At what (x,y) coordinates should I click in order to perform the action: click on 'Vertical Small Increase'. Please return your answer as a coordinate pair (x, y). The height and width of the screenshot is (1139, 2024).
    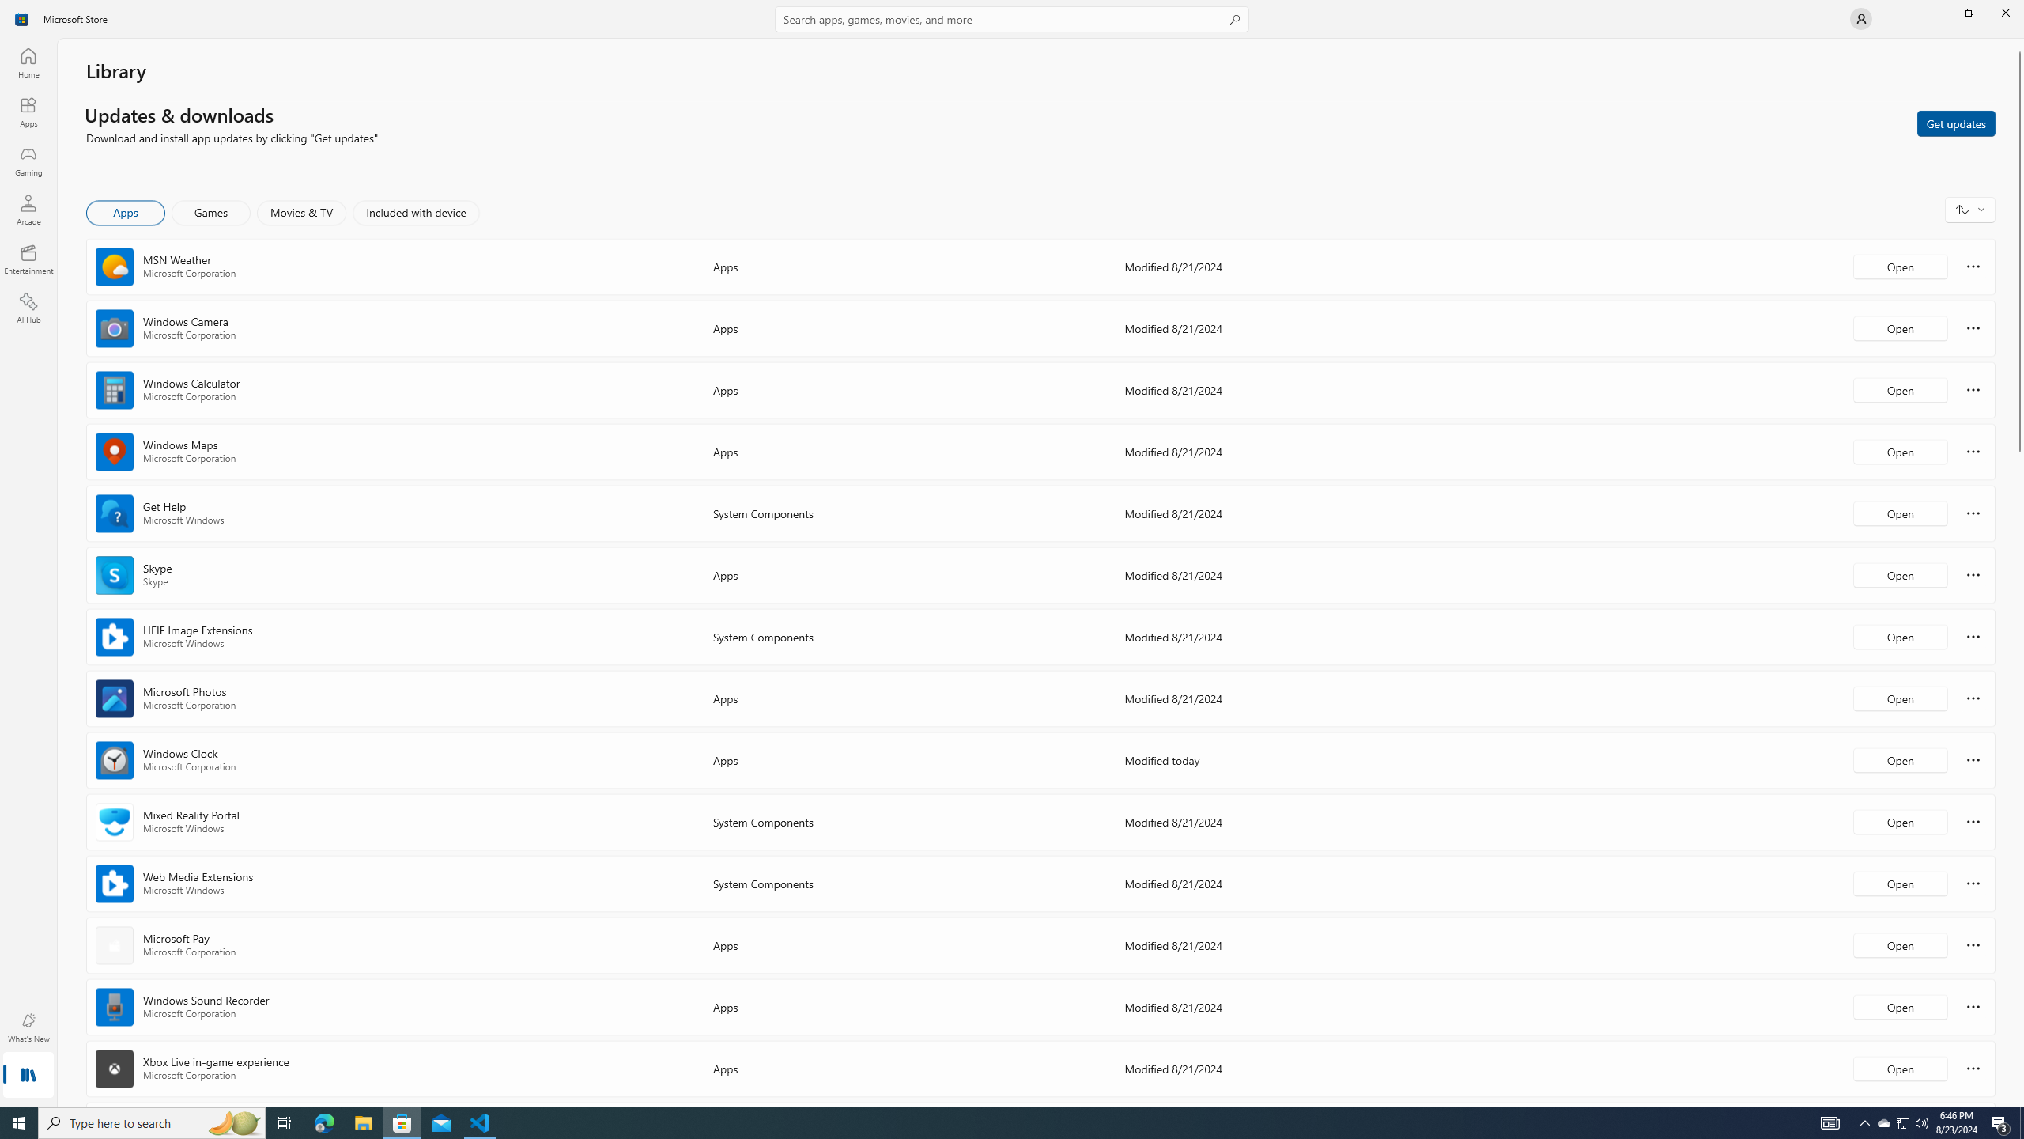
    Looking at the image, I should click on (2018, 1102).